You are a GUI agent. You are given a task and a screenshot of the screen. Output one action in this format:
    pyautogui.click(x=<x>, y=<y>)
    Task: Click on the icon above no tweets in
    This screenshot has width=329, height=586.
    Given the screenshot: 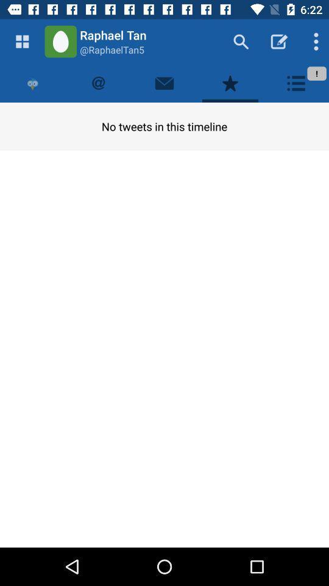 What is the action you would take?
    pyautogui.click(x=230, y=82)
    